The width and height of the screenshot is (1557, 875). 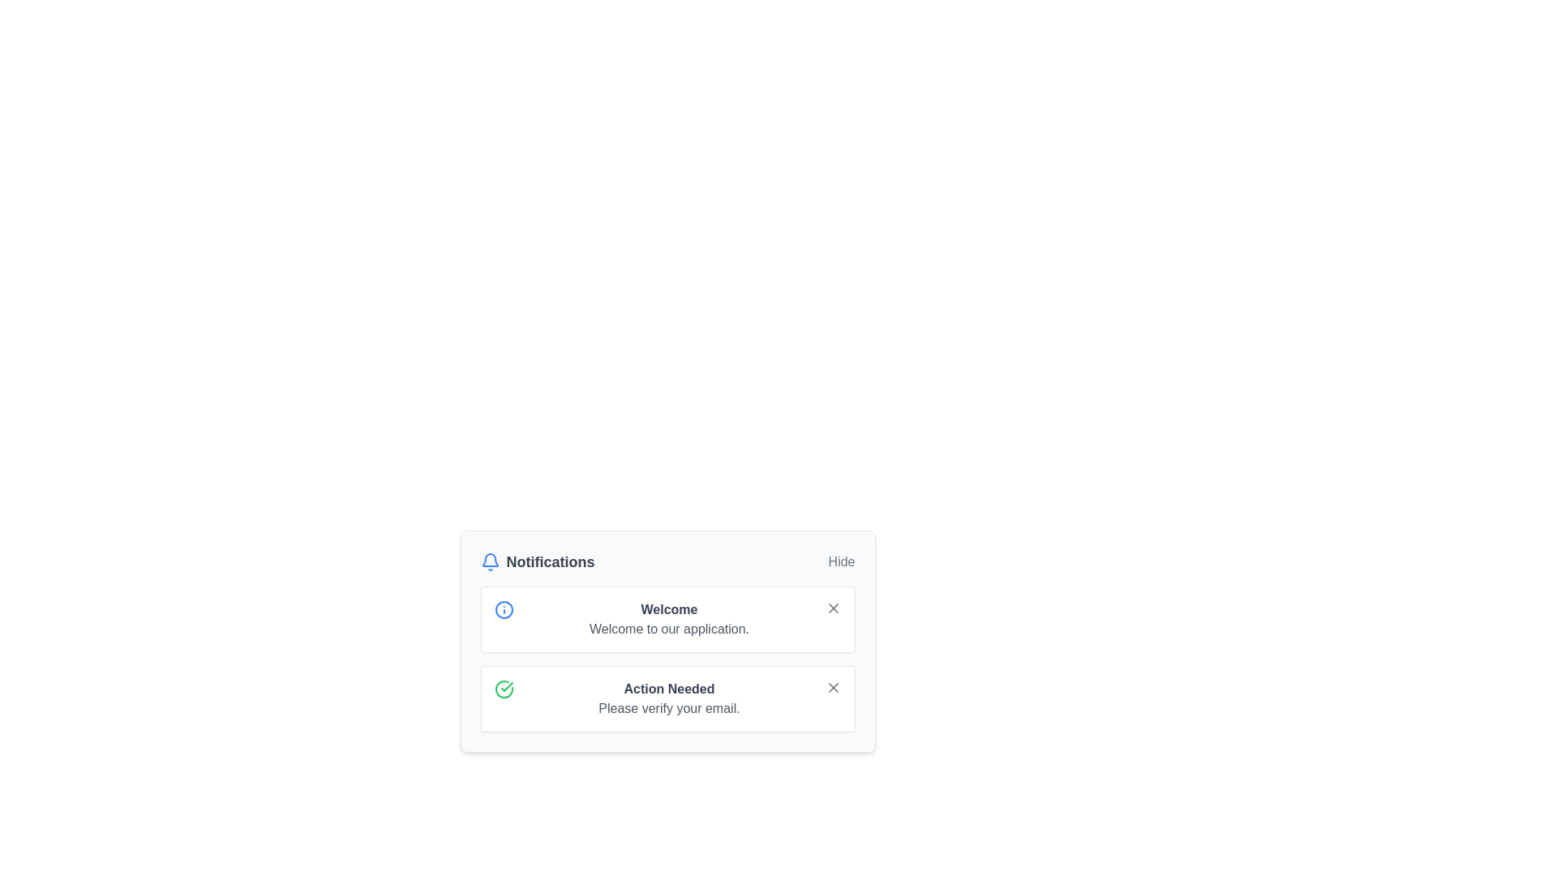 I want to click on the small 'x' icon in the top-right corner of the 'Welcome' notification card, so click(x=833, y=608).